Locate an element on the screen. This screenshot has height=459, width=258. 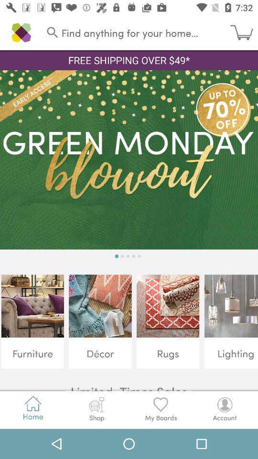
this area is located at coordinates (129, 160).